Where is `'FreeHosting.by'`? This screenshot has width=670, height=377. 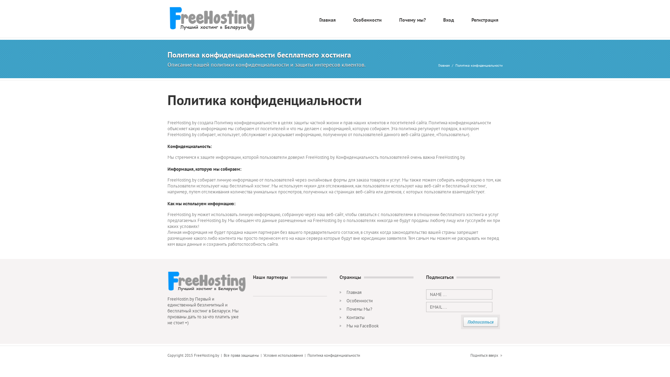
'FreeHosting.by' is located at coordinates (218, 19).